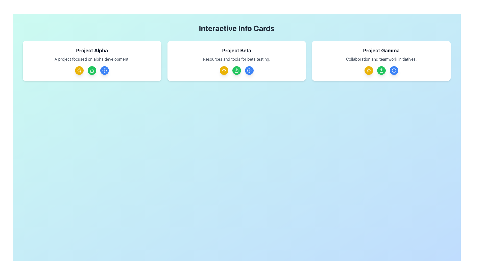 The image size is (485, 273). What do you see at coordinates (236, 59) in the screenshot?
I see `the Text Label that provides a brief description of the 'Project Beta' card, located in the middle section beneath the title and above the interactive icons` at bounding box center [236, 59].